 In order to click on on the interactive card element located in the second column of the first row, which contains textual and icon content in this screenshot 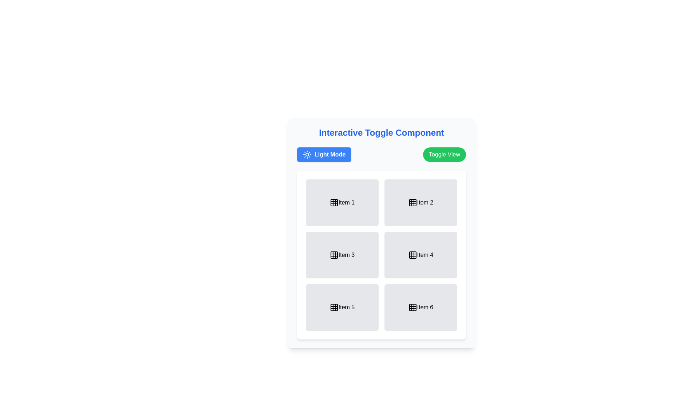, I will do `click(421, 202)`.